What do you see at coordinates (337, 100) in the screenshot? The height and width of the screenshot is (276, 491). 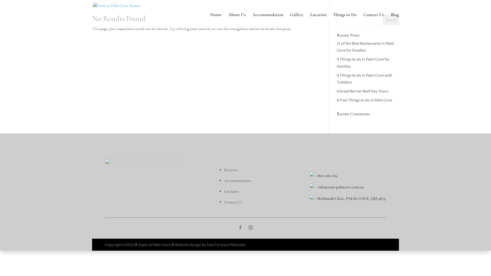 I see `'8 Free Things to do in Palm Cove'` at bounding box center [337, 100].